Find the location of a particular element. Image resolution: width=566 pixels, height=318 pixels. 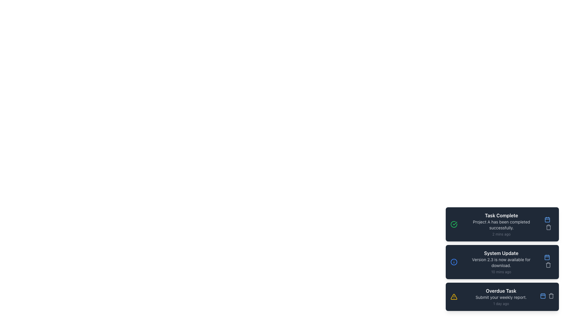

the blue calendar icon button located in the 'System Update' notification card on the right-hand side is located at coordinates (547, 257).